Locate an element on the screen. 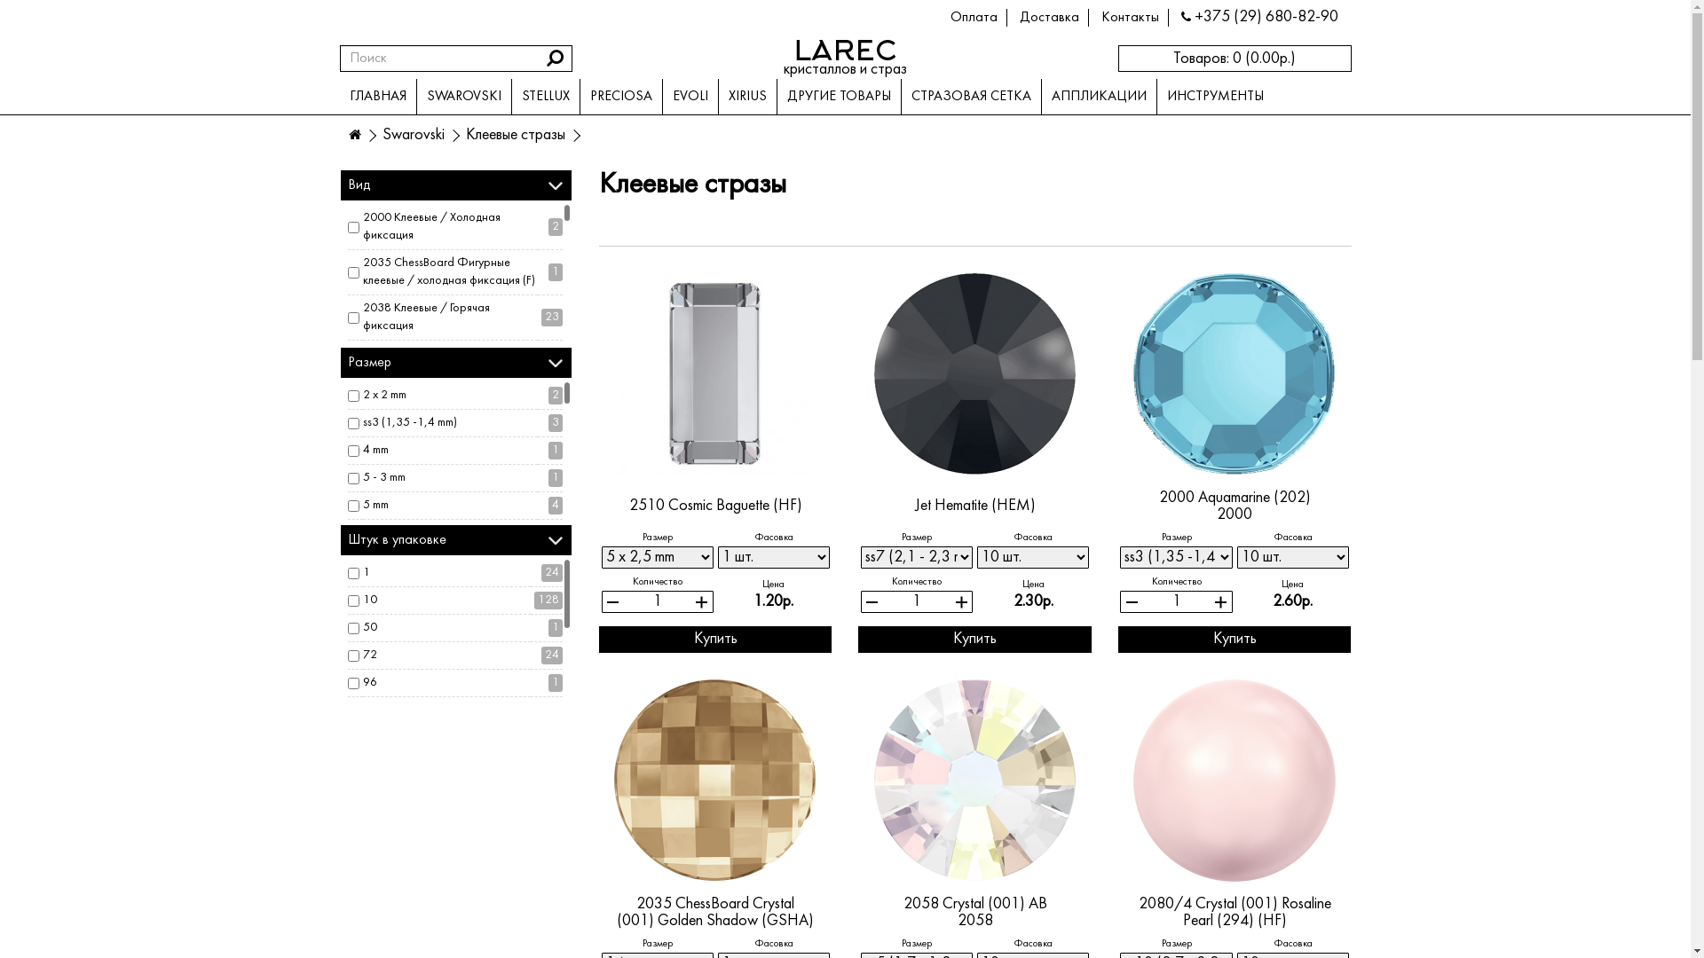  '2510 Cosmic Baguette (HF)' is located at coordinates (629, 506).